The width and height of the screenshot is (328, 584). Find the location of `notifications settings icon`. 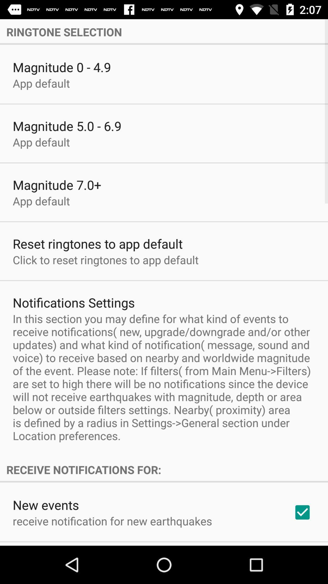

notifications settings icon is located at coordinates (73, 302).